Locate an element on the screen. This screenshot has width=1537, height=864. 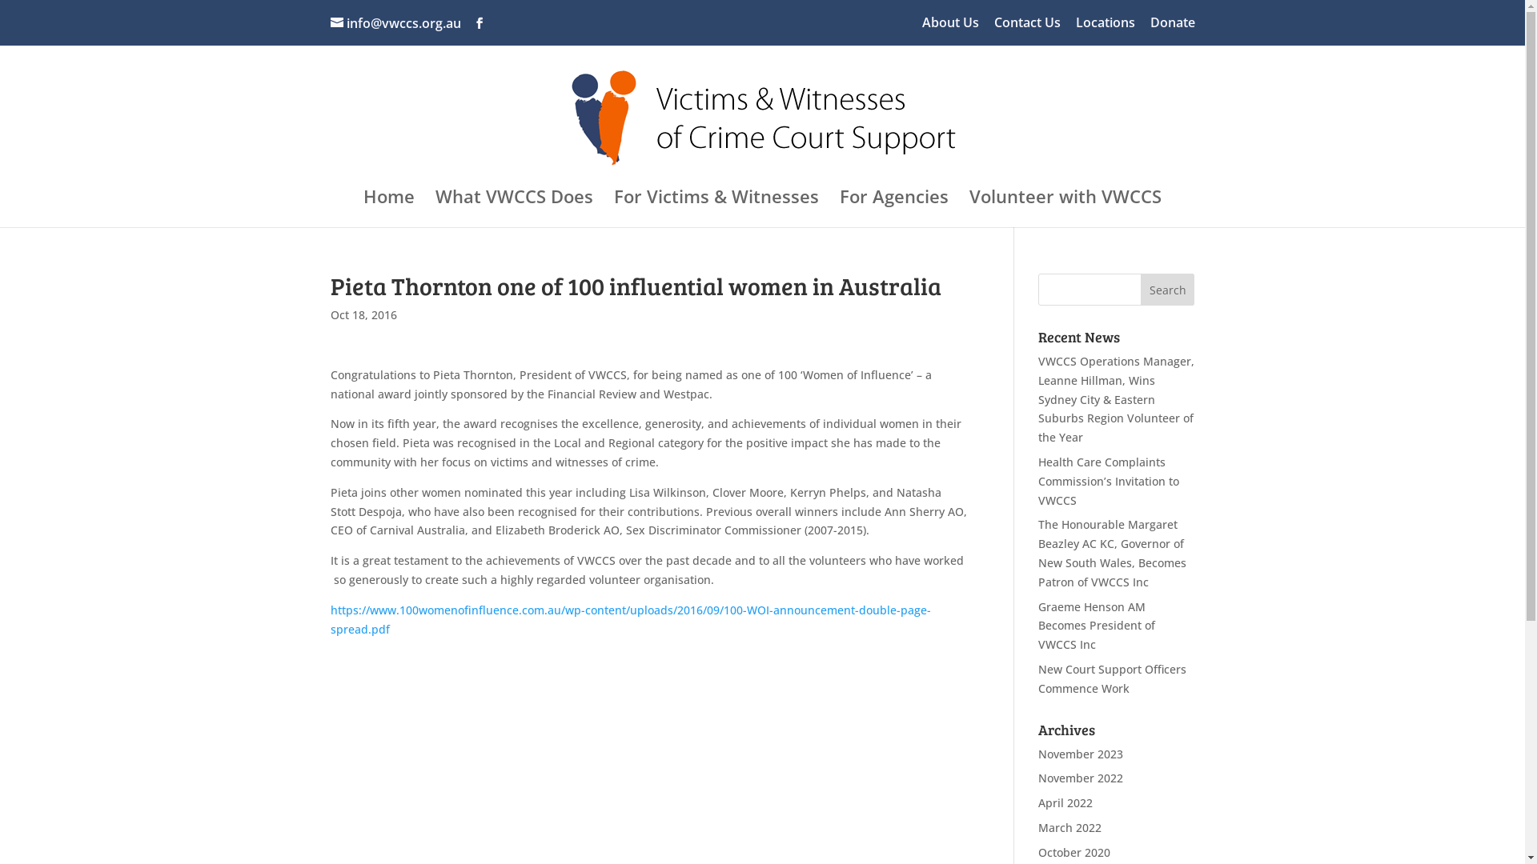
'October 2020' is located at coordinates (1074, 851).